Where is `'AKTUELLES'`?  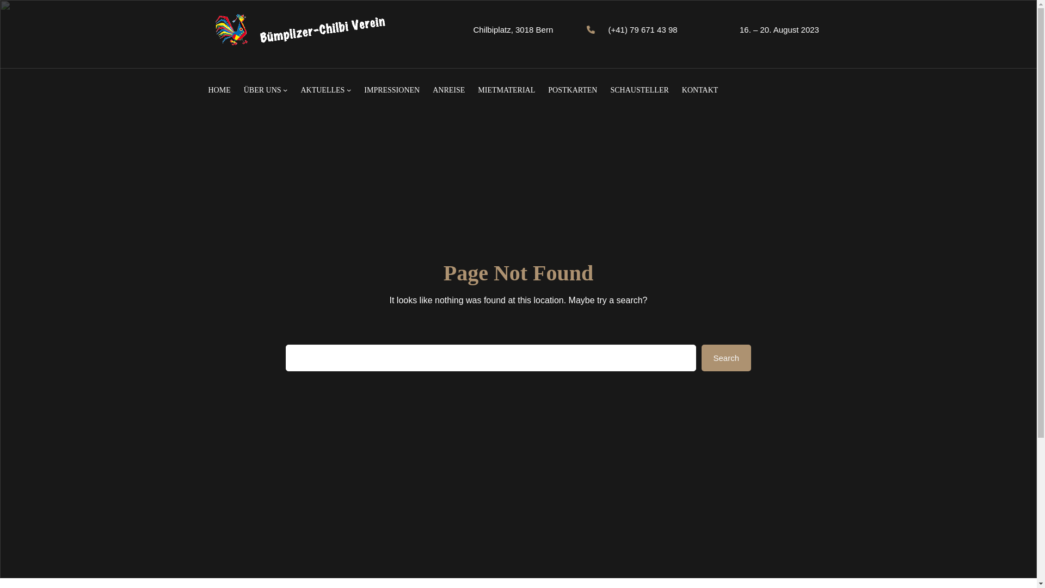 'AKTUELLES' is located at coordinates (322, 89).